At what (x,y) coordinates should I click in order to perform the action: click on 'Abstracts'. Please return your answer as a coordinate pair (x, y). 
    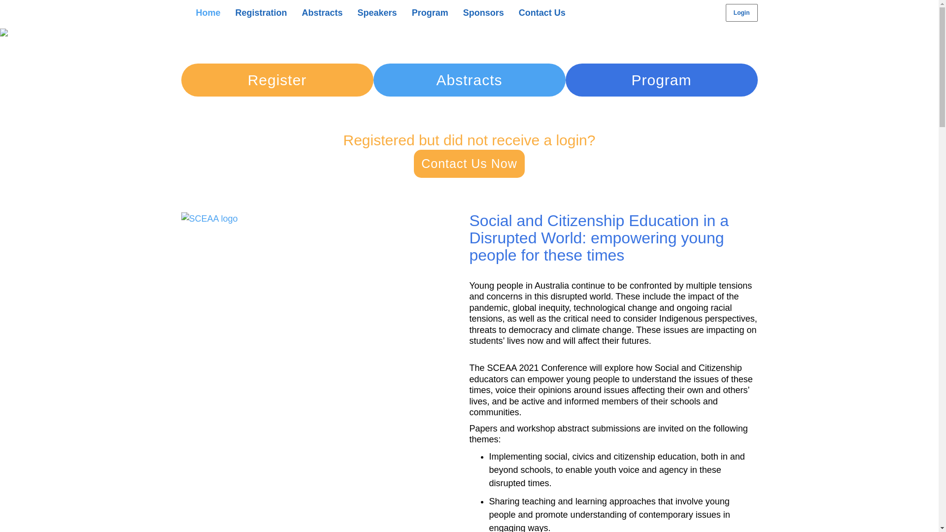
    Looking at the image, I should click on (322, 13).